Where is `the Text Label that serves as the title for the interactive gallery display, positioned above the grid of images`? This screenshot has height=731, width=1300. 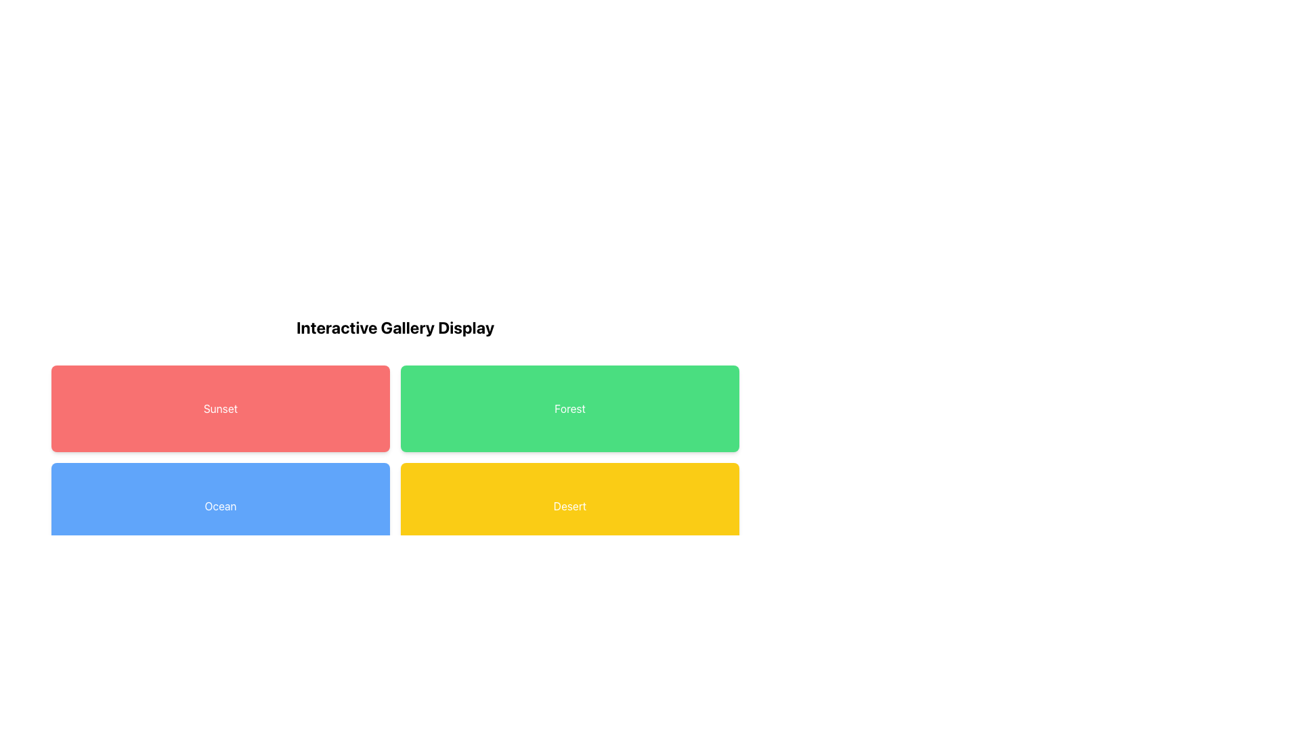
the Text Label that serves as the title for the interactive gallery display, positioned above the grid of images is located at coordinates (395, 327).